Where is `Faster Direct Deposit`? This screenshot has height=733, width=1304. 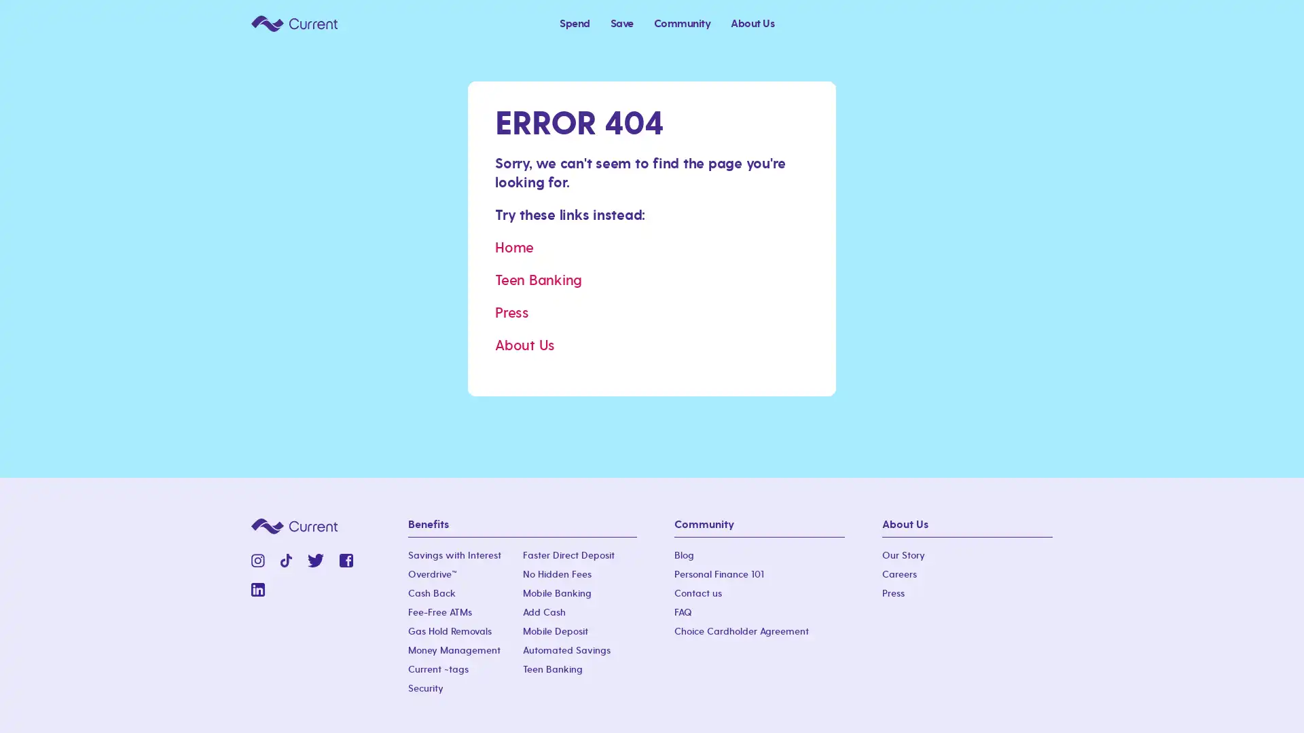
Faster Direct Deposit is located at coordinates (568, 555).